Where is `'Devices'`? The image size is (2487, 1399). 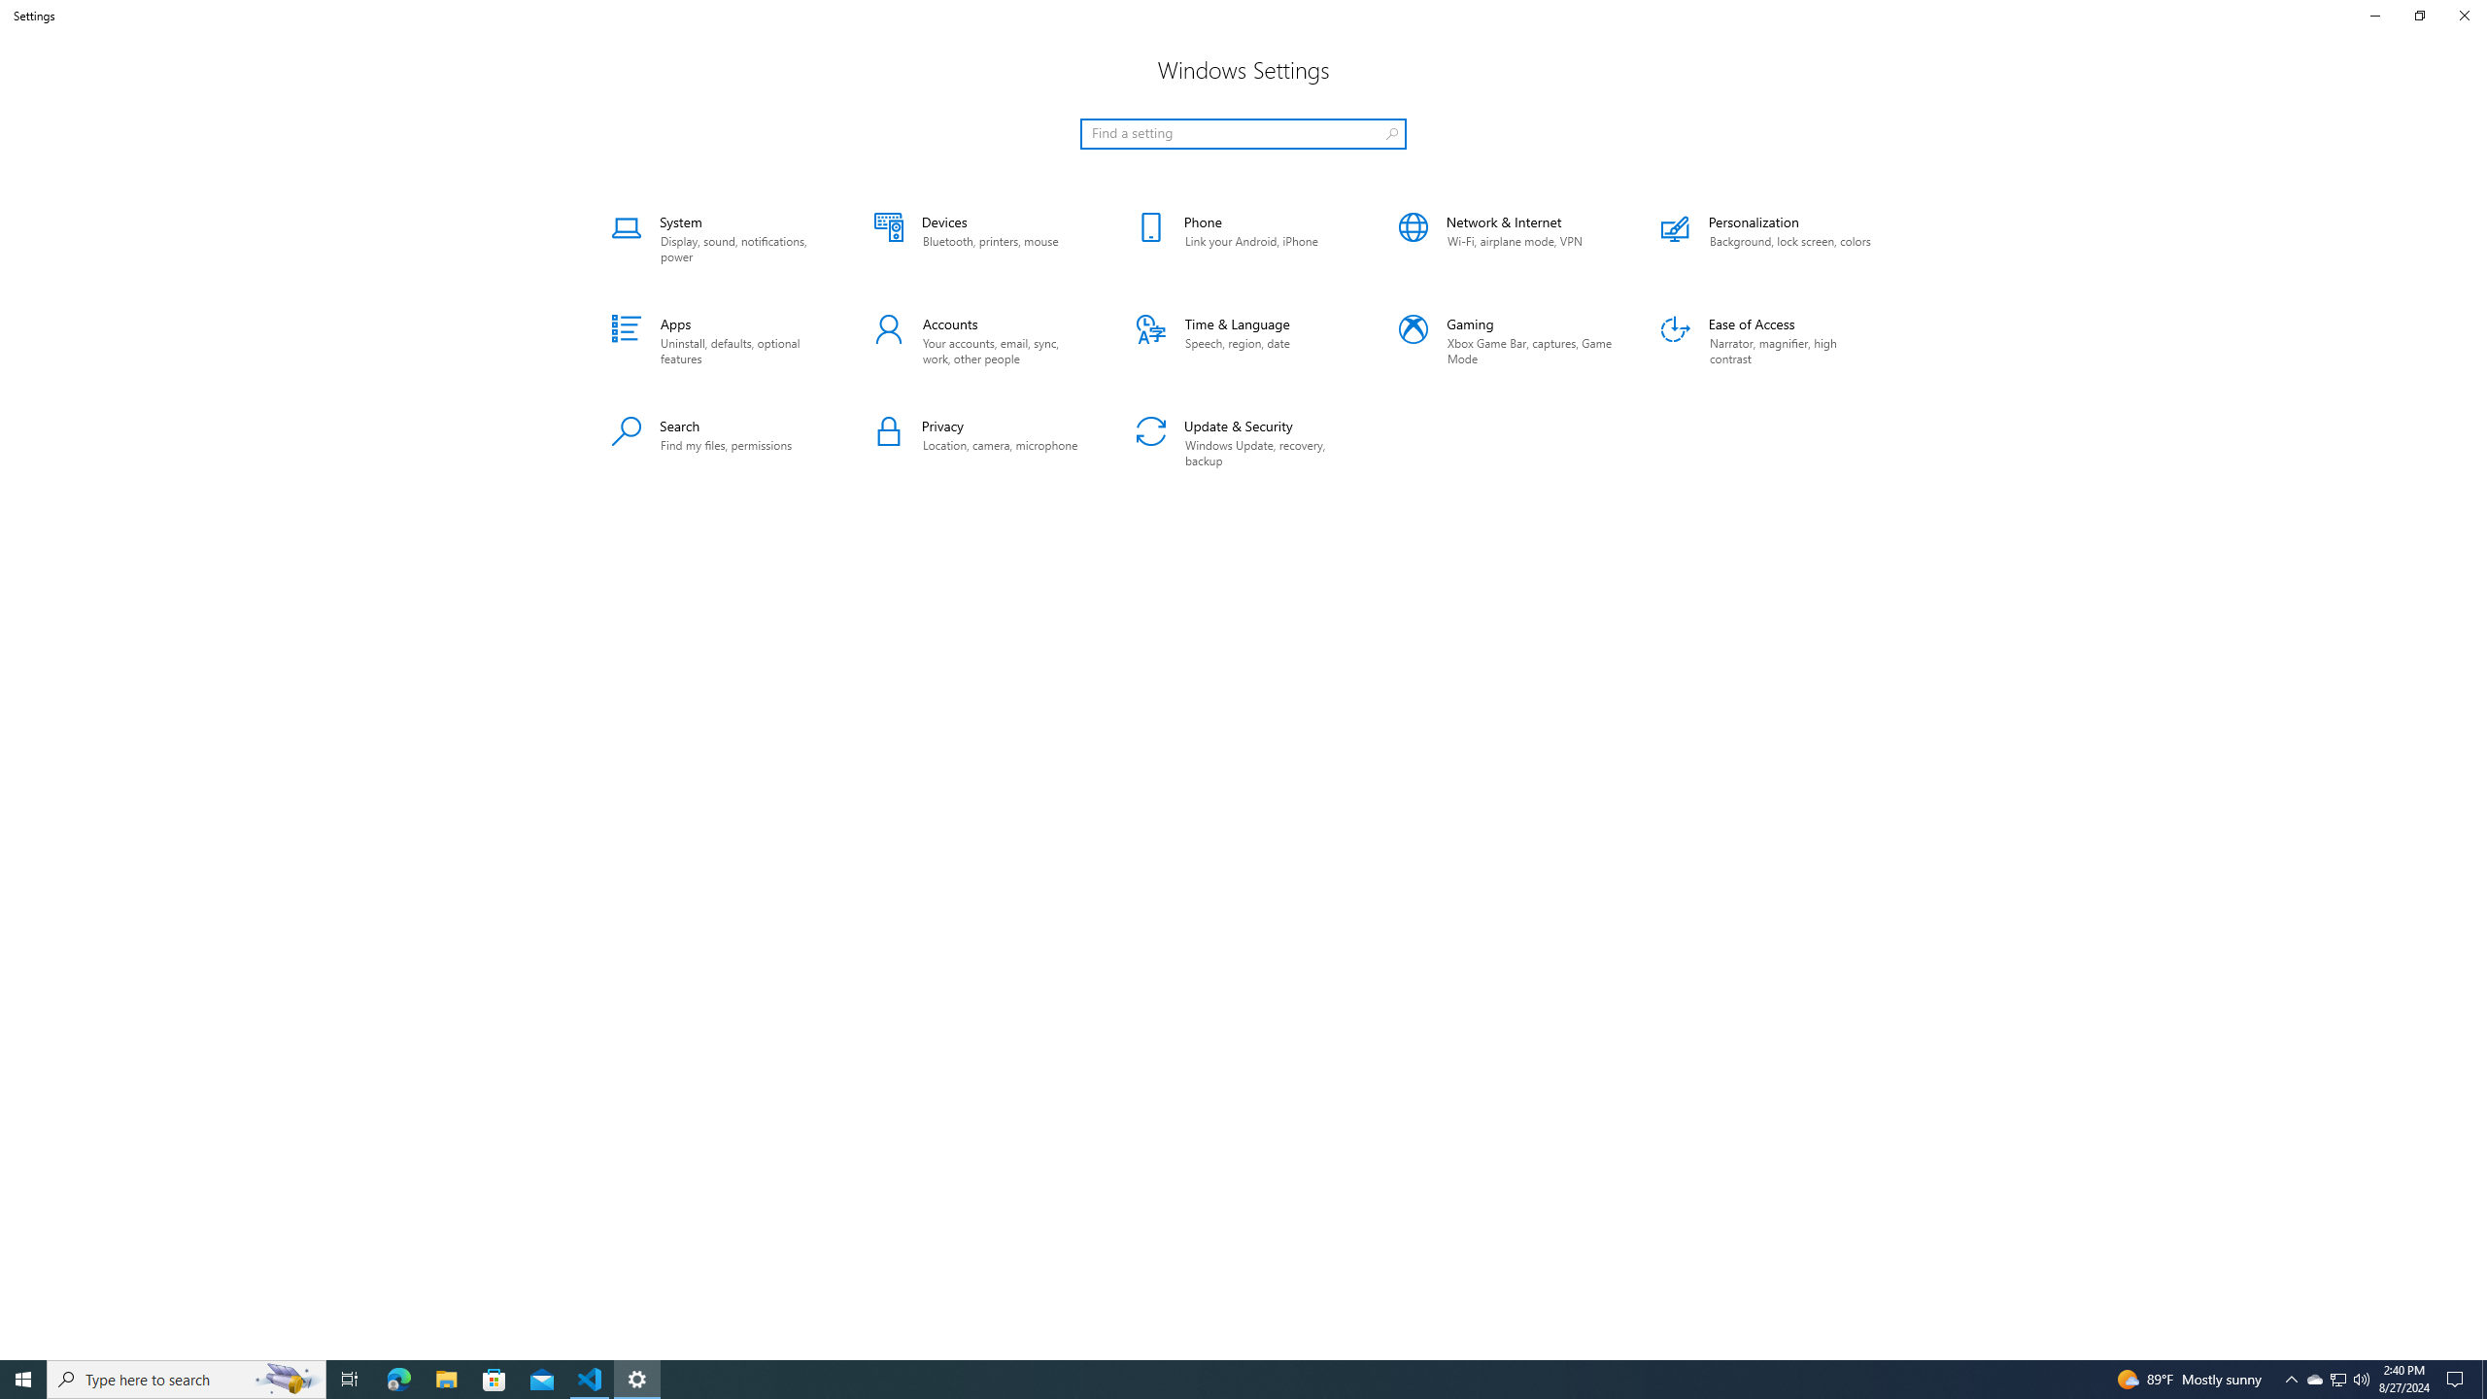
'Devices' is located at coordinates (979, 238).